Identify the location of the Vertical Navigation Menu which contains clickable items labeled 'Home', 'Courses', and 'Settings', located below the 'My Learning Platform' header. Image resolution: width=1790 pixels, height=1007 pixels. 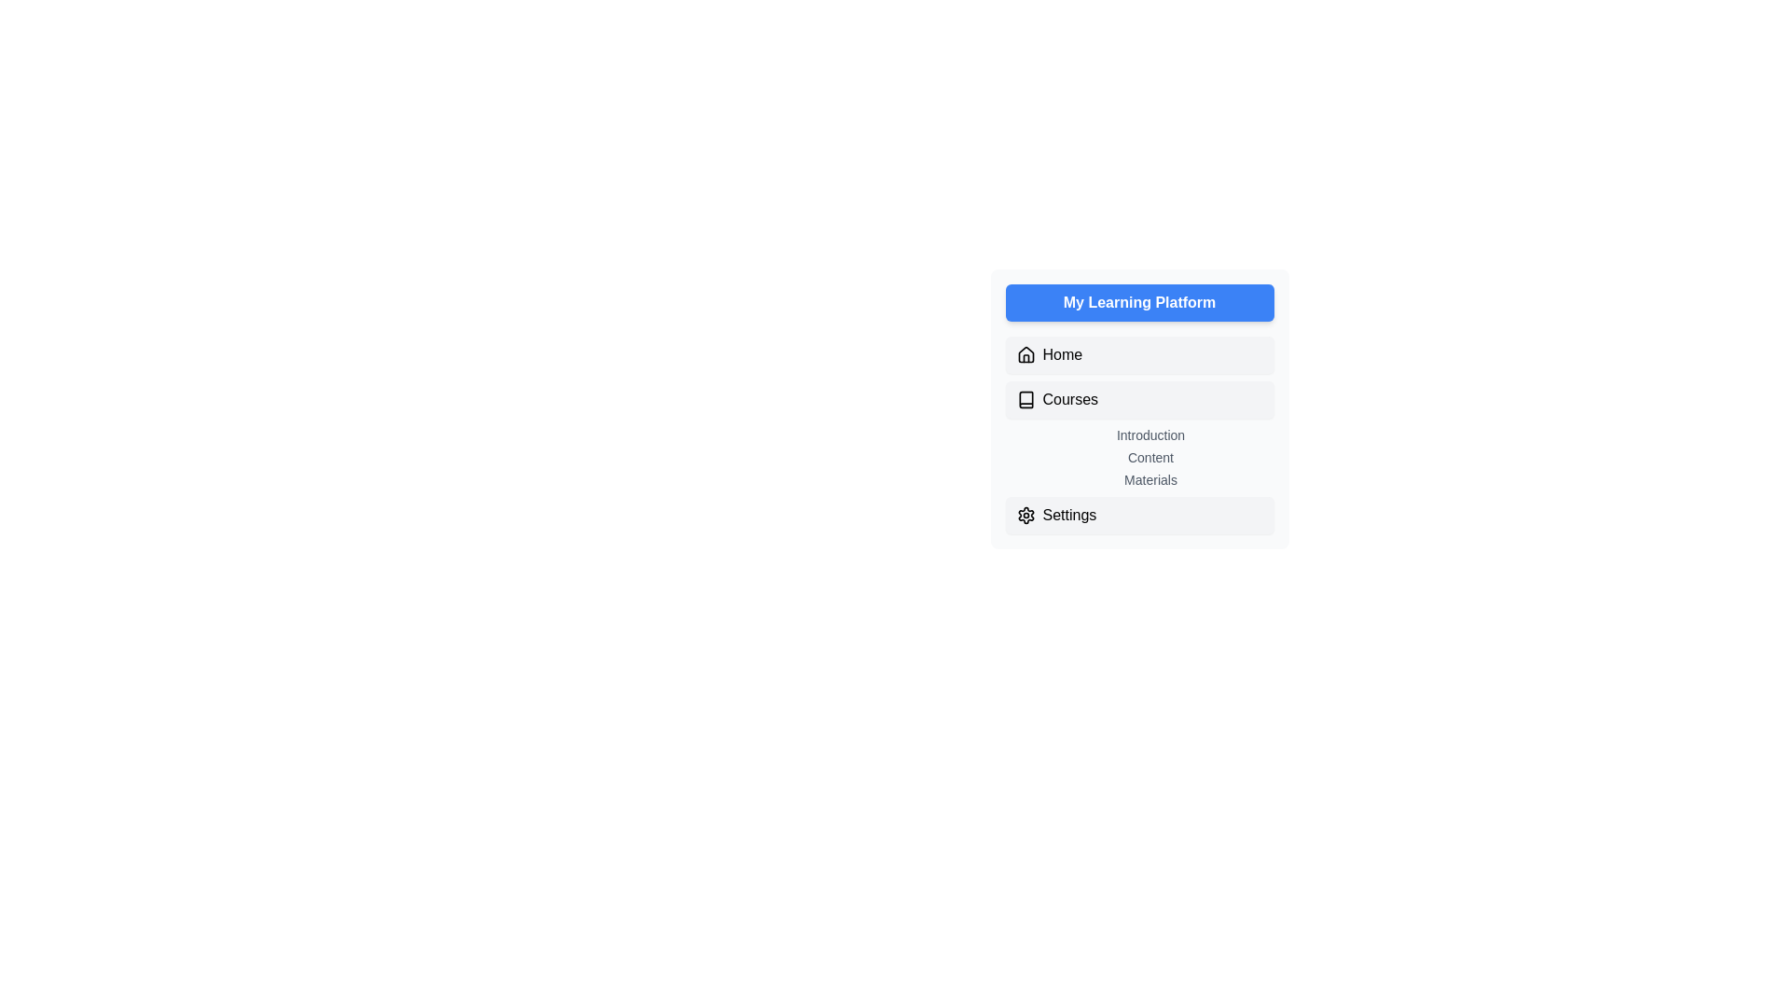
(1138, 435).